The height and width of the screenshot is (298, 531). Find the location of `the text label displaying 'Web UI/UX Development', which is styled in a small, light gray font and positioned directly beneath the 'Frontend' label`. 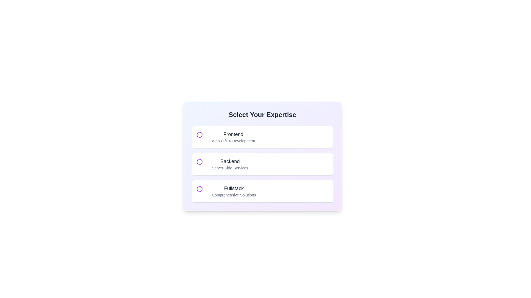

the text label displaying 'Web UI/UX Development', which is styled in a small, light gray font and positioned directly beneath the 'Frontend' label is located at coordinates (233, 140).